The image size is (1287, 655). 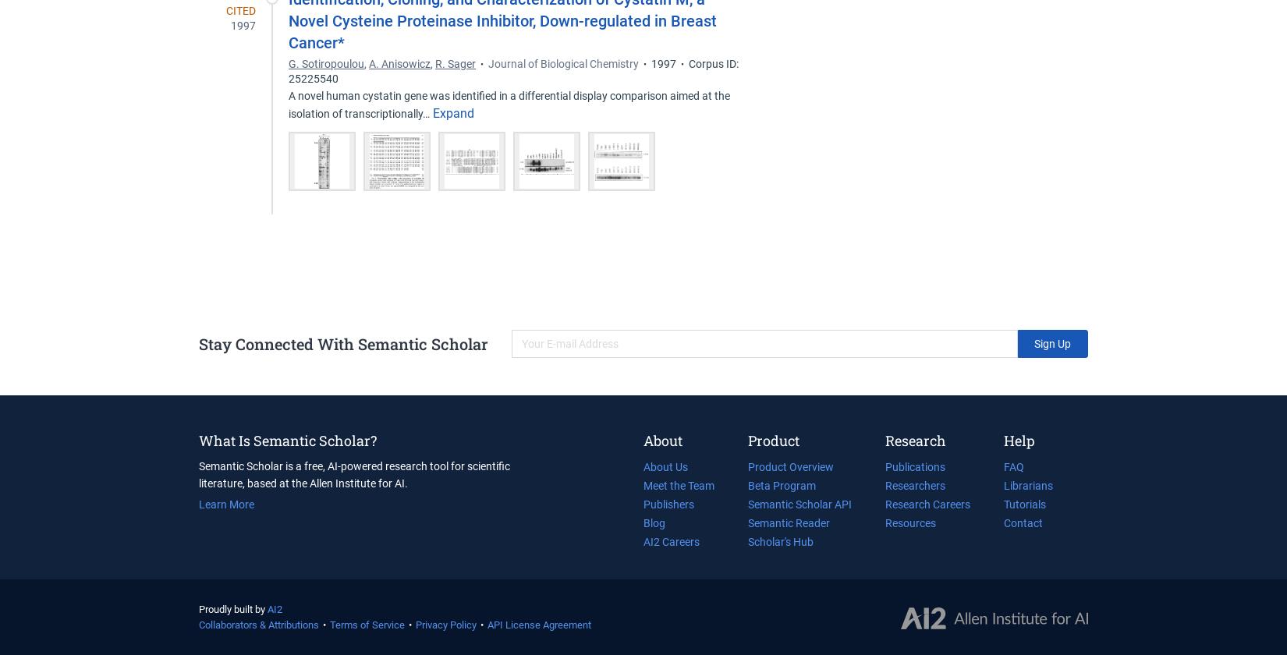 I want to click on 'Publications', so click(x=915, y=467).